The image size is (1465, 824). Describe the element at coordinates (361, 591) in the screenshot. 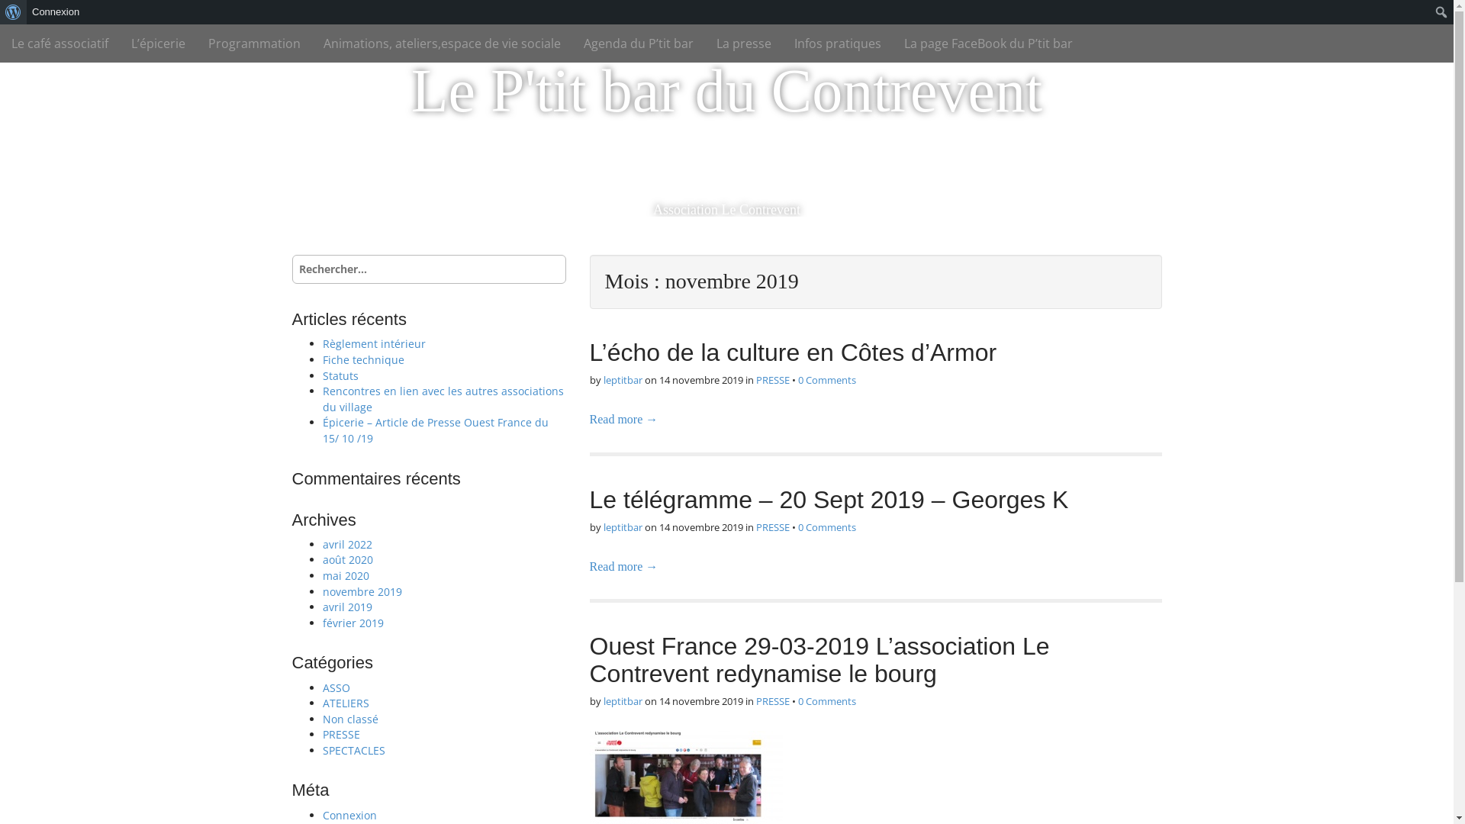

I see `'novembre 2019'` at that location.